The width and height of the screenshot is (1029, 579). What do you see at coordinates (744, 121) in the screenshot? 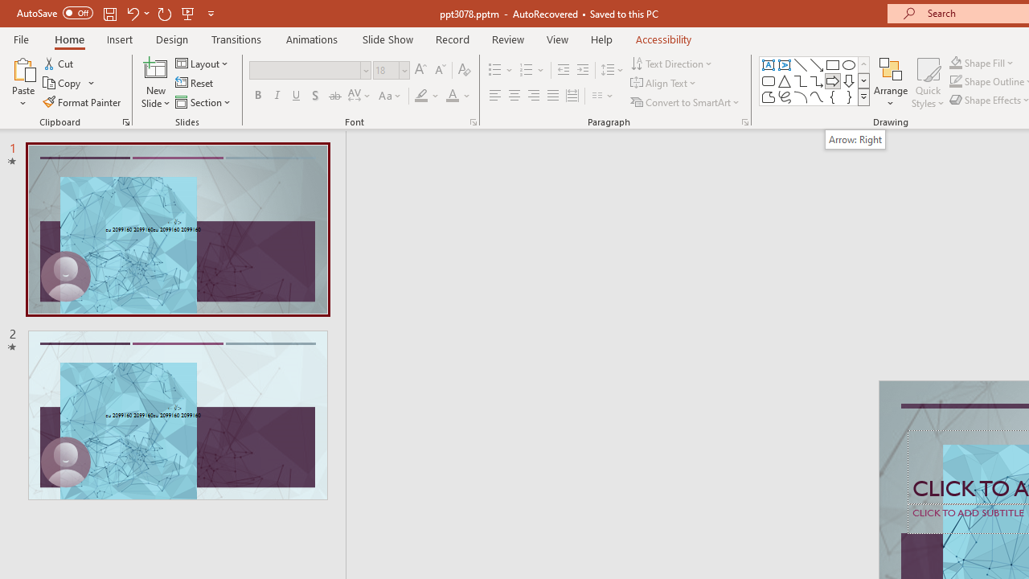
I see `'Paragraph...'` at bounding box center [744, 121].